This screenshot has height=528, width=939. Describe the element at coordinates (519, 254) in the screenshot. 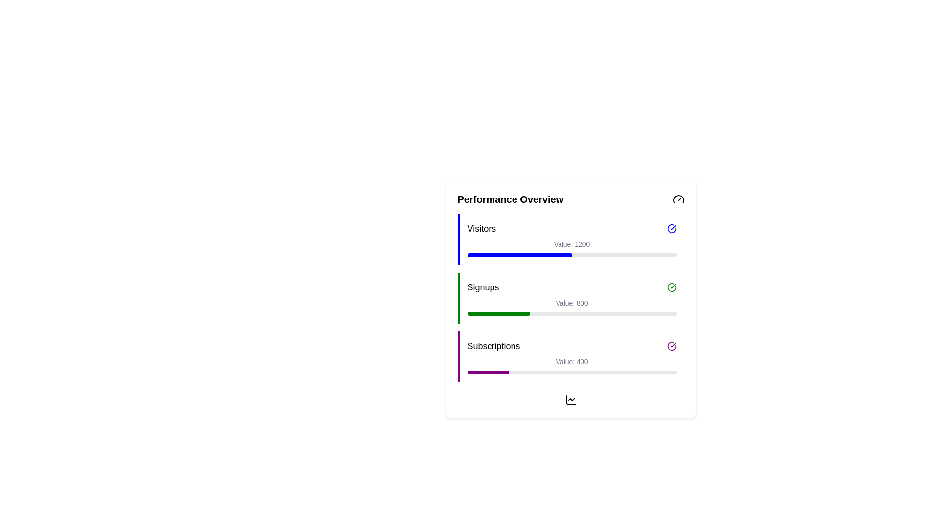

I see `the filled portion of the Progress Bar Segment in the 'Visitors' section of the 'Performance Overview' to visually indicate progress` at that location.